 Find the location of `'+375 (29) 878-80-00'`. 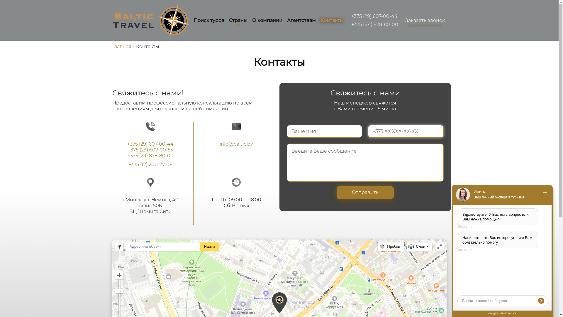

'+375 (29) 878-80-00' is located at coordinates (127, 155).